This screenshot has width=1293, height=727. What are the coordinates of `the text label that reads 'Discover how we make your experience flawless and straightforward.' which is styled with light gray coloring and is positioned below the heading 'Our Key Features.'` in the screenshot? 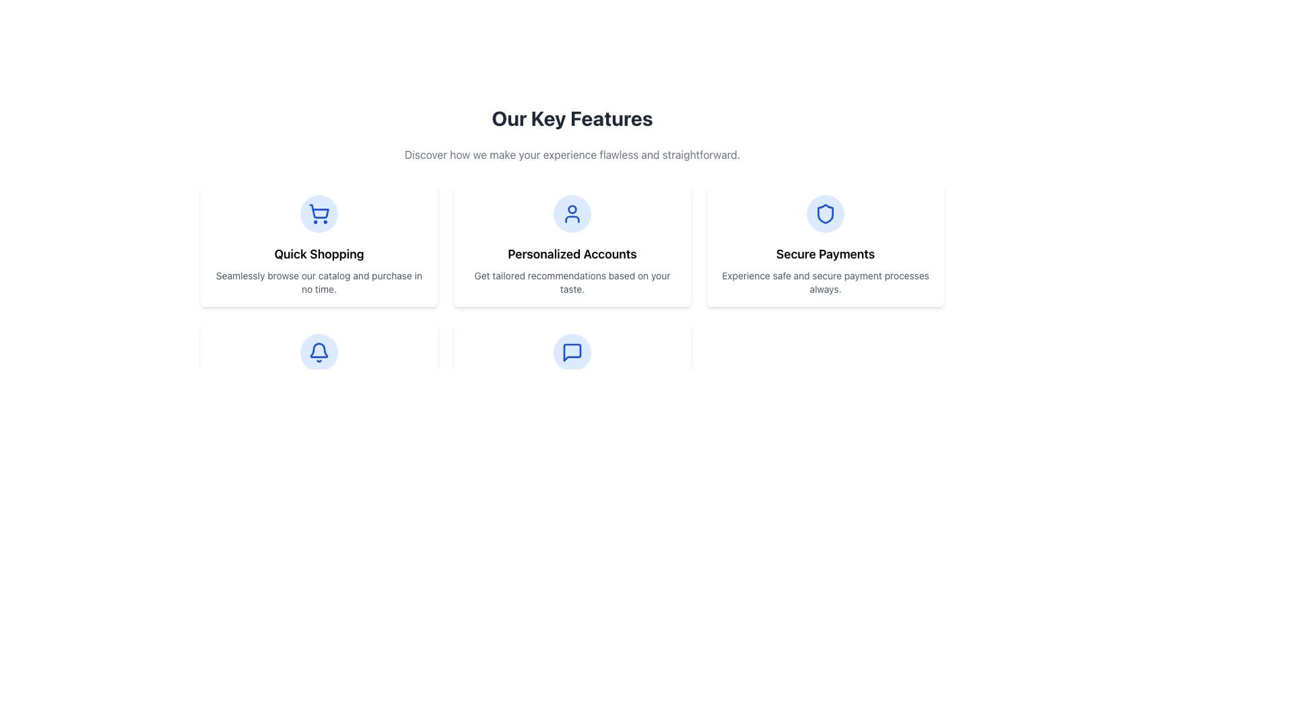 It's located at (572, 154).